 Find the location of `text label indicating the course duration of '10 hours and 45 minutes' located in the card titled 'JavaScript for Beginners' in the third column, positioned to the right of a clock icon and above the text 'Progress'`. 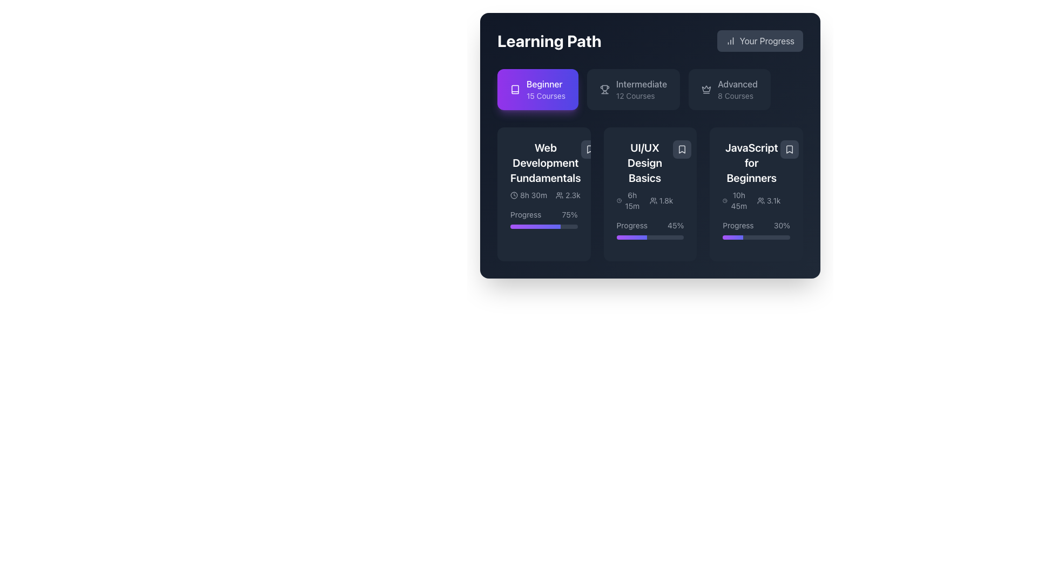

text label indicating the course duration of '10 hours and 45 minutes' located in the card titled 'JavaScript for Beginners' in the third column, positioned to the right of a clock icon and above the text 'Progress' is located at coordinates (738, 200).